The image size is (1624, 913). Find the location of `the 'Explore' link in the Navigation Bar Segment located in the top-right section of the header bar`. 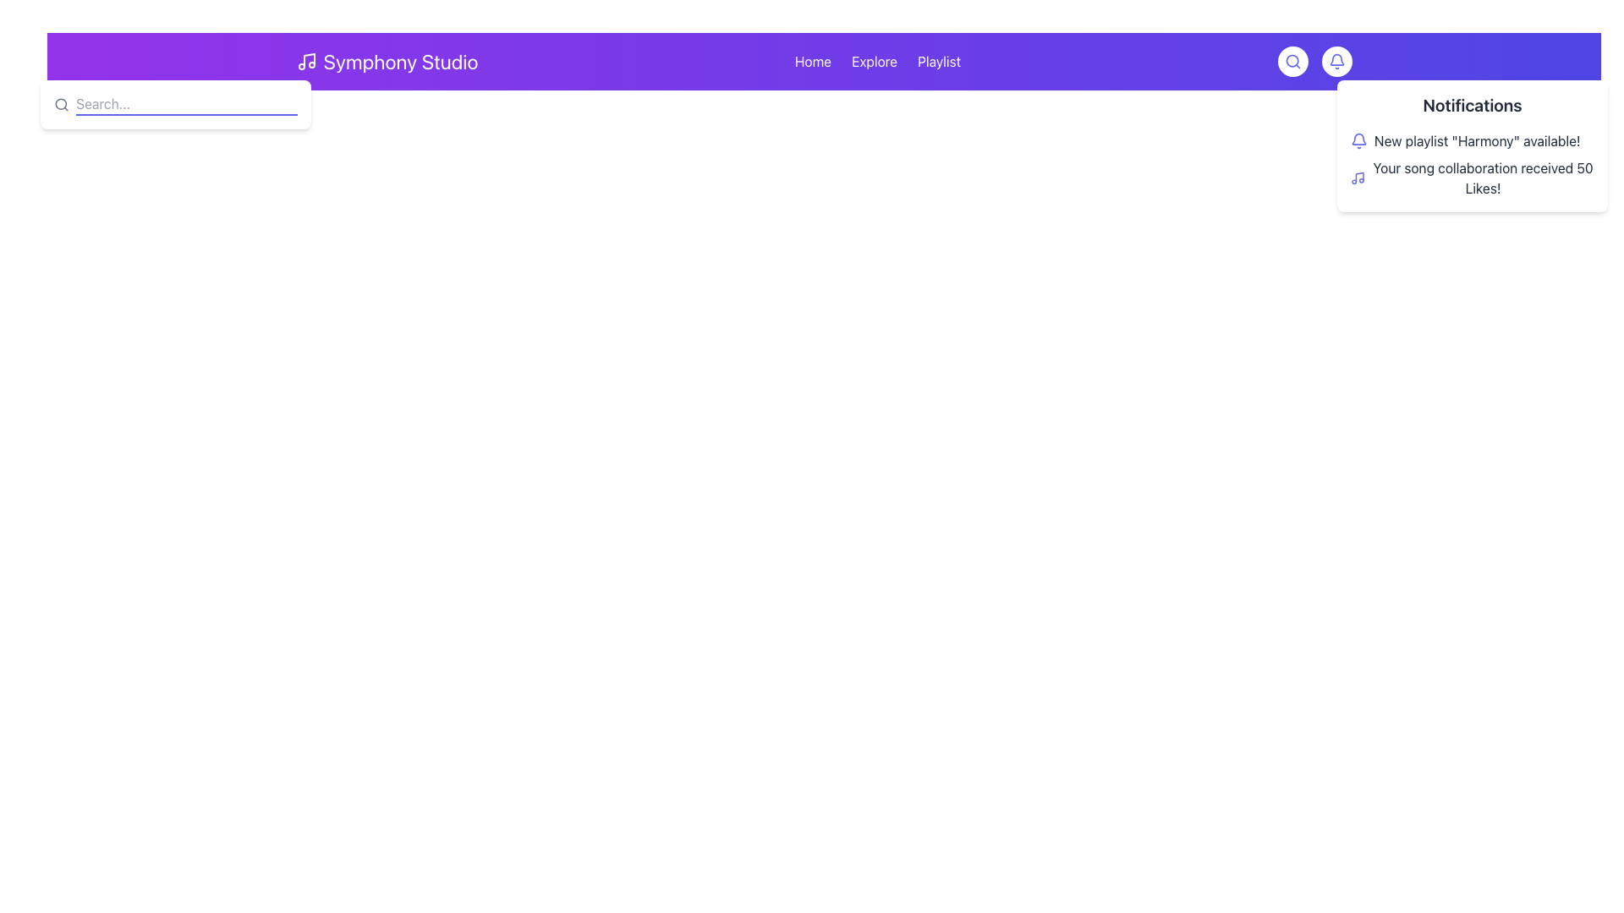

the 'Explore' link in the Navigation Bar Segment located in the top-right section of the header bar is located at coordinates (877, 61).